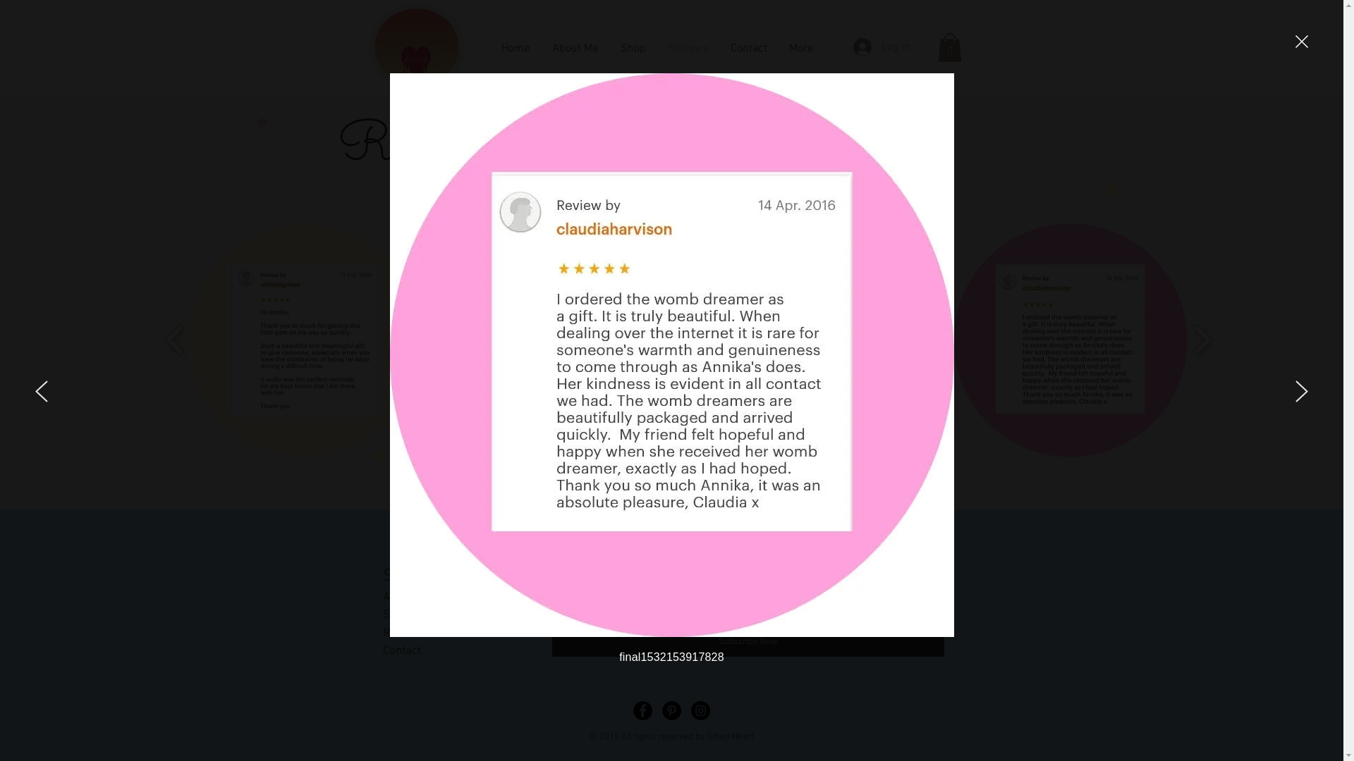 This screenshot has height=761, width=1354. What do you see at coordinates (748, 47) in the screenshot?
I see `'Contact'` at bounding box center [748, 47].